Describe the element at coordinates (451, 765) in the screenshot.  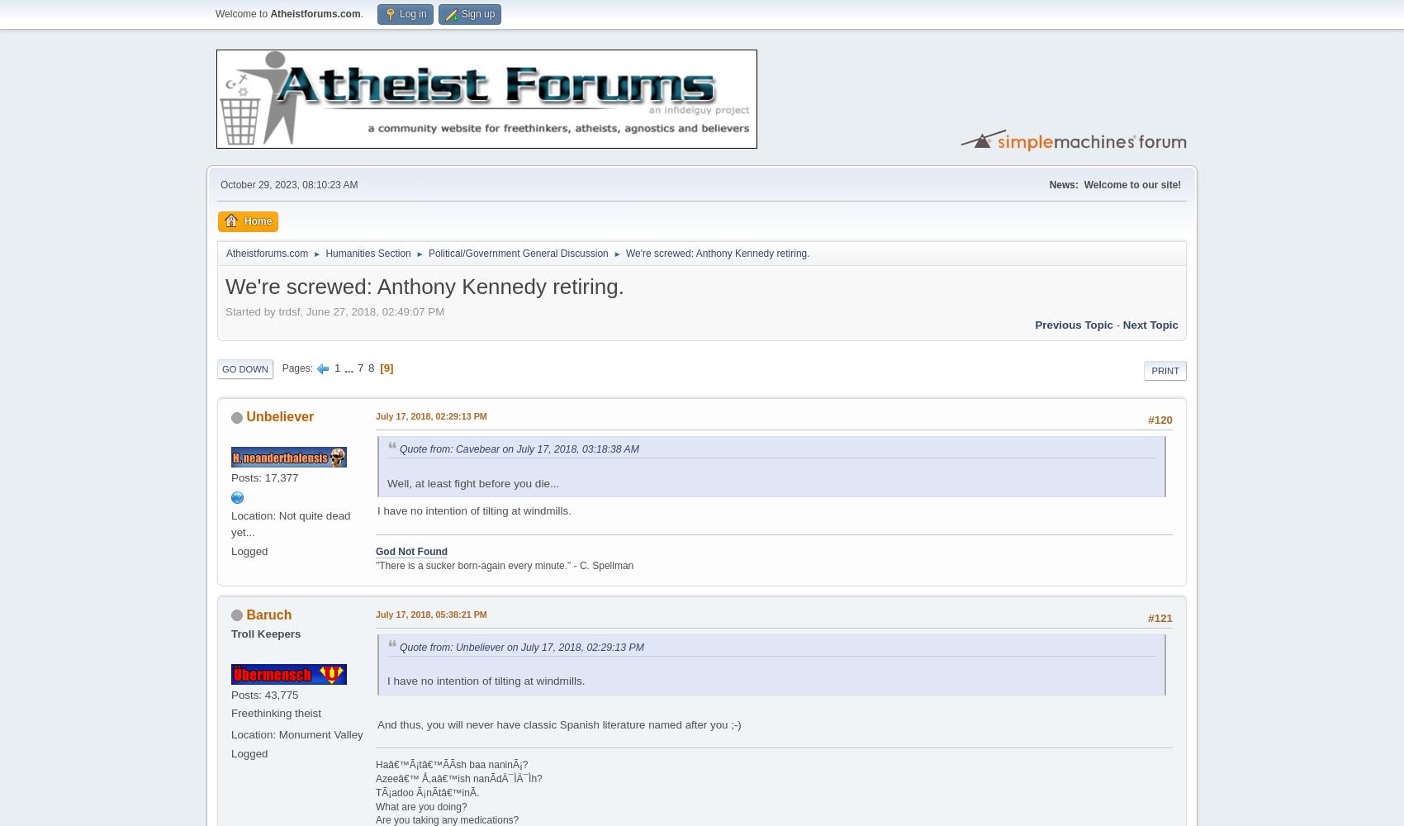
I see `'Haâ€™Ã¡tâ€™Ã­Ã­sh baa naninÃ¡?'` at that location.